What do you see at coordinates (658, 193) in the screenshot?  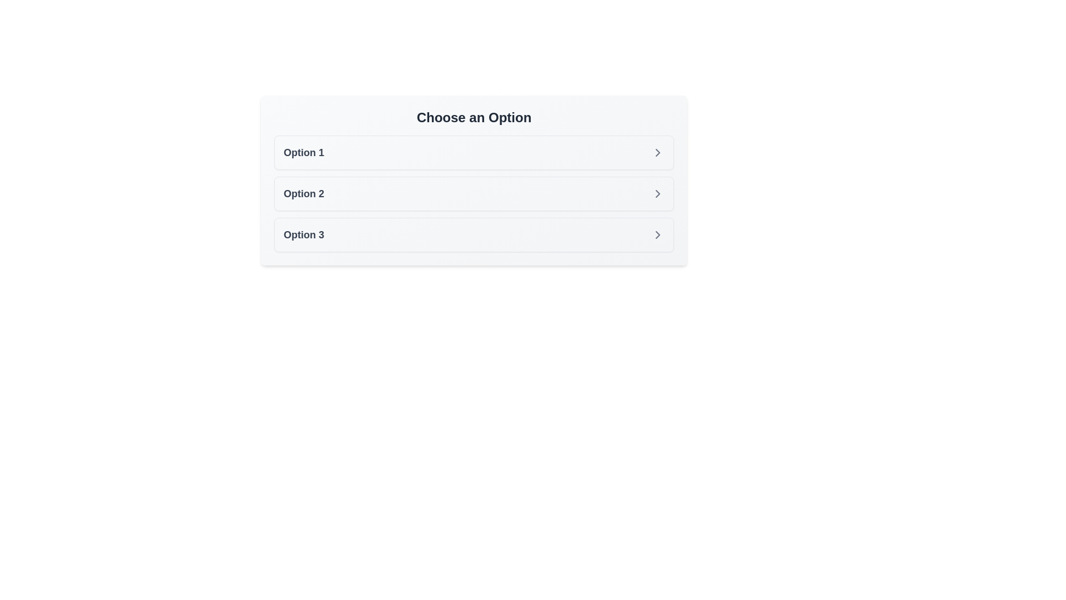 I see `the chevron icon located to the far right of the 'Option 2' selection row in the menu` at bounding box center [658, 193].